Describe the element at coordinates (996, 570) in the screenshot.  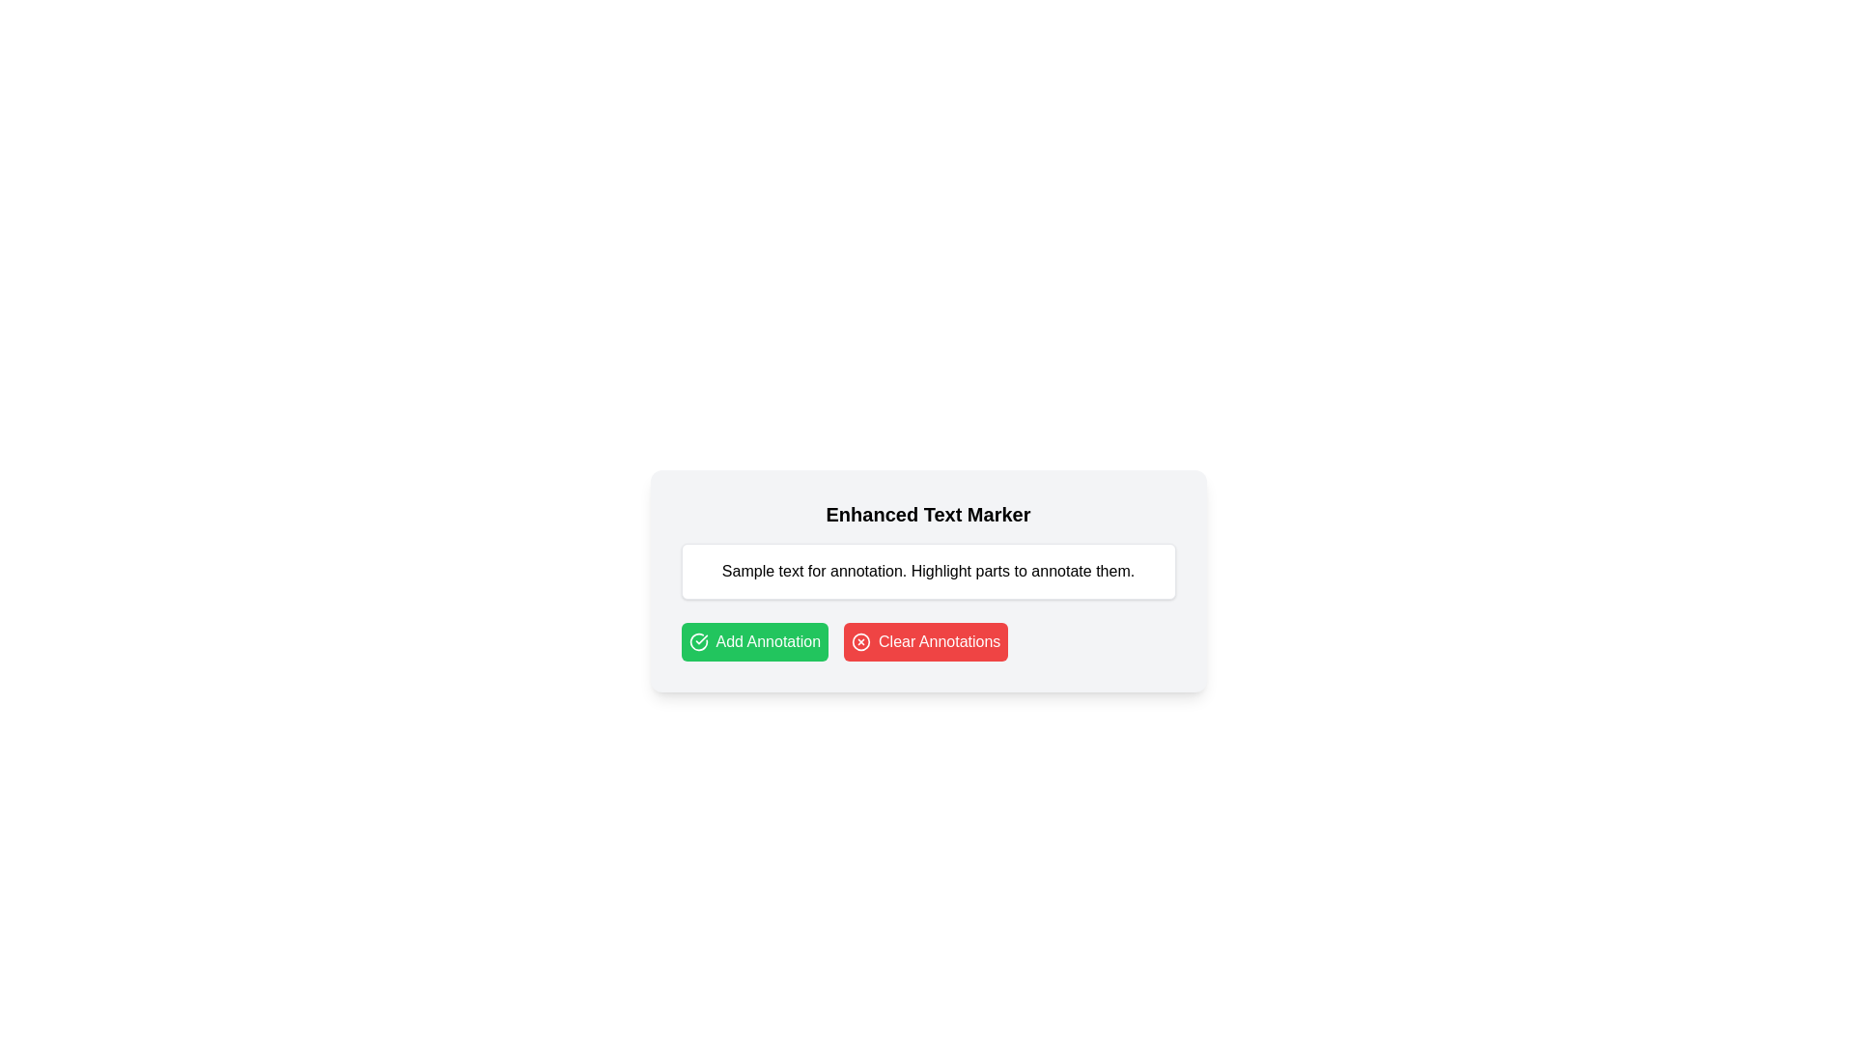
I see `the 37th character in the text paragraph 'Sample text for annotation. Highlight parts to annotate them.' located beneath the title 'Enhanced Text Marker'` at that location.